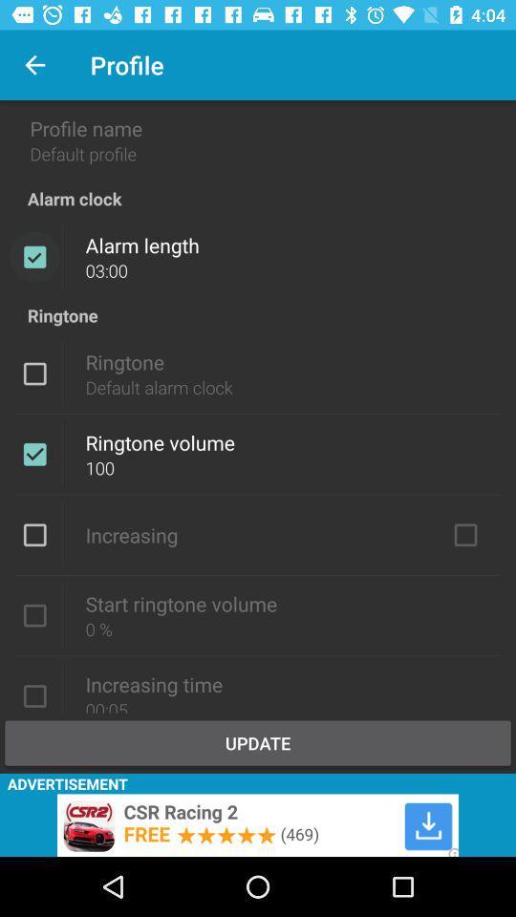 This screenshot has height=917, width=516. What do you see at coordinates (34, 535) in the screenshot?
I see `tick the box` at bounding box center [34, 535].